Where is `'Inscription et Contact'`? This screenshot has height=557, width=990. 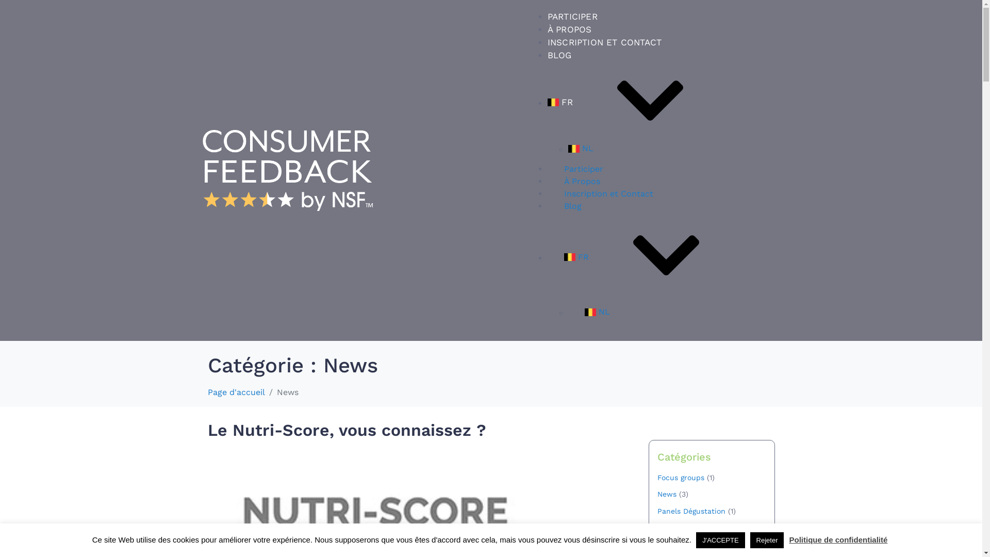
'Inscription et Contact' is located at coordinates (608, 193).